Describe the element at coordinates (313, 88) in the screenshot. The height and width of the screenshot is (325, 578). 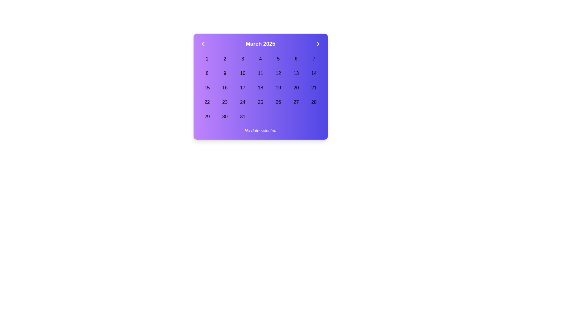
I see `the circular button labeled '21' in the calendar grid` at that location.